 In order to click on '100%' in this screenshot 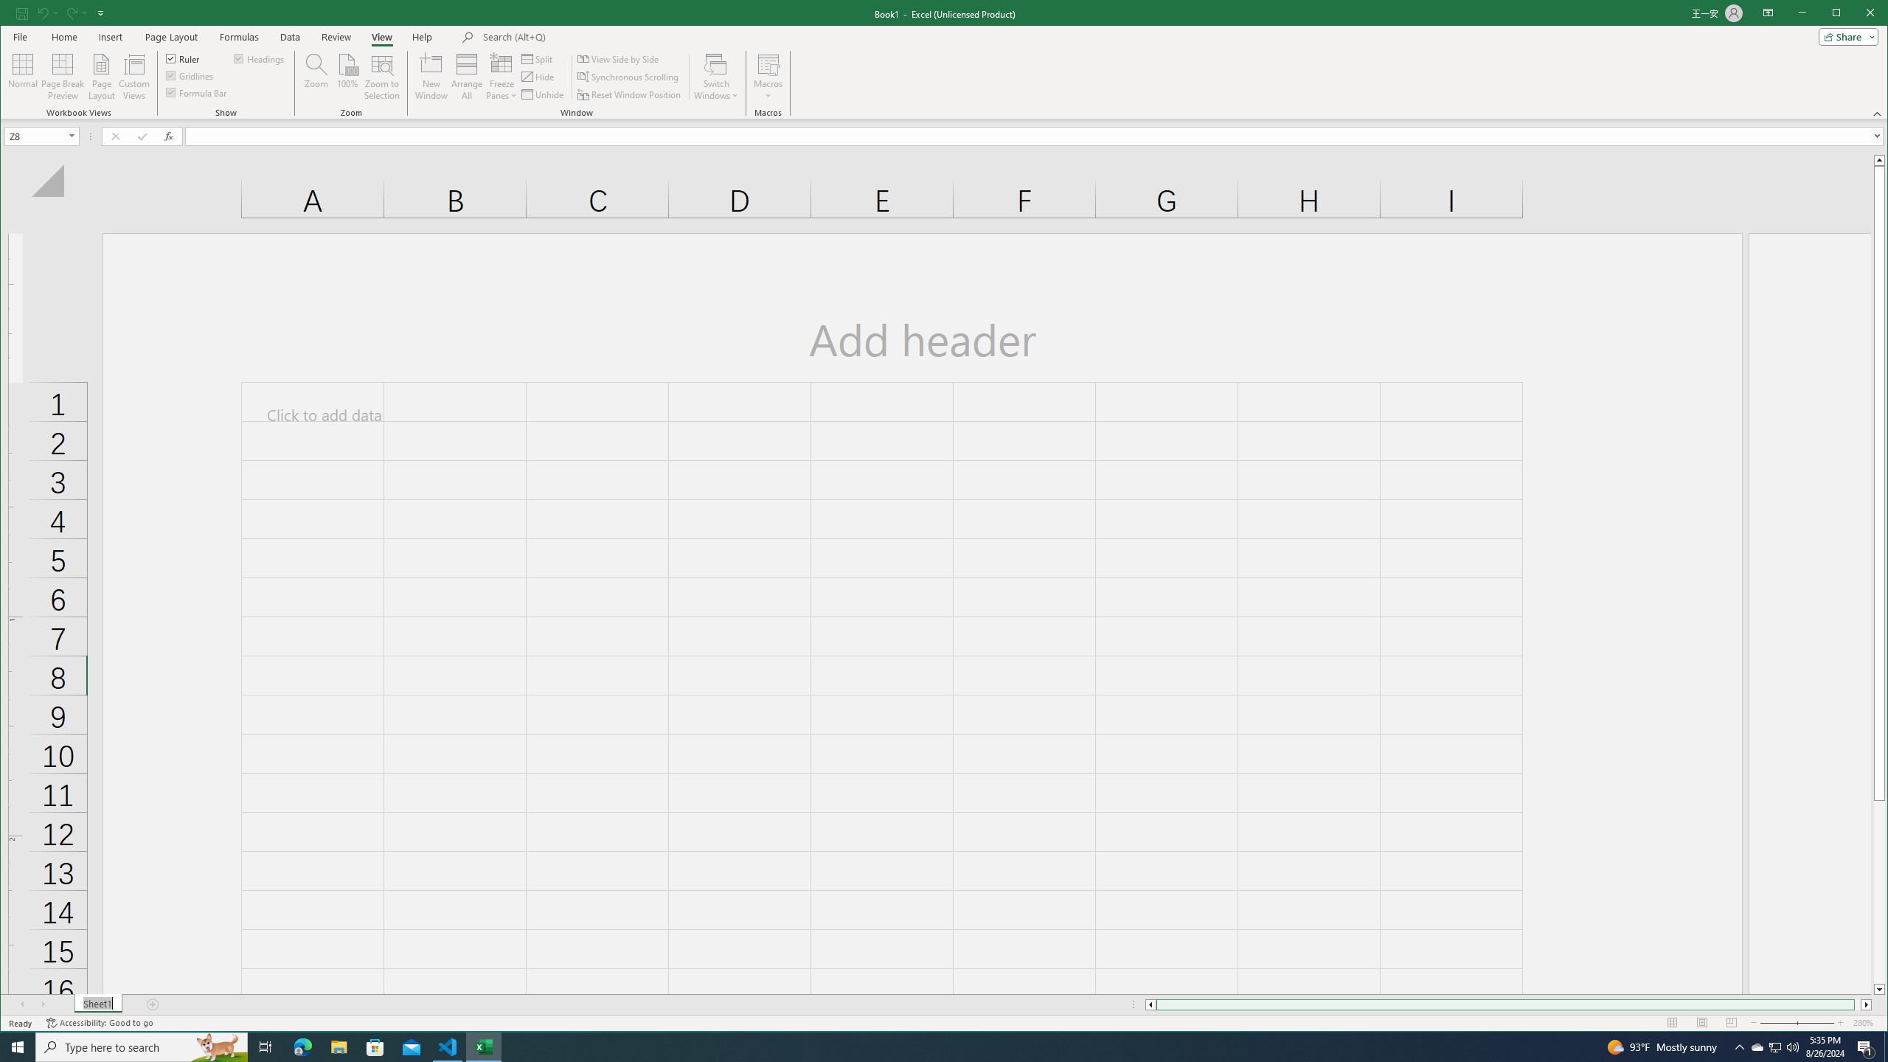, I will do `click(347, 76)`.